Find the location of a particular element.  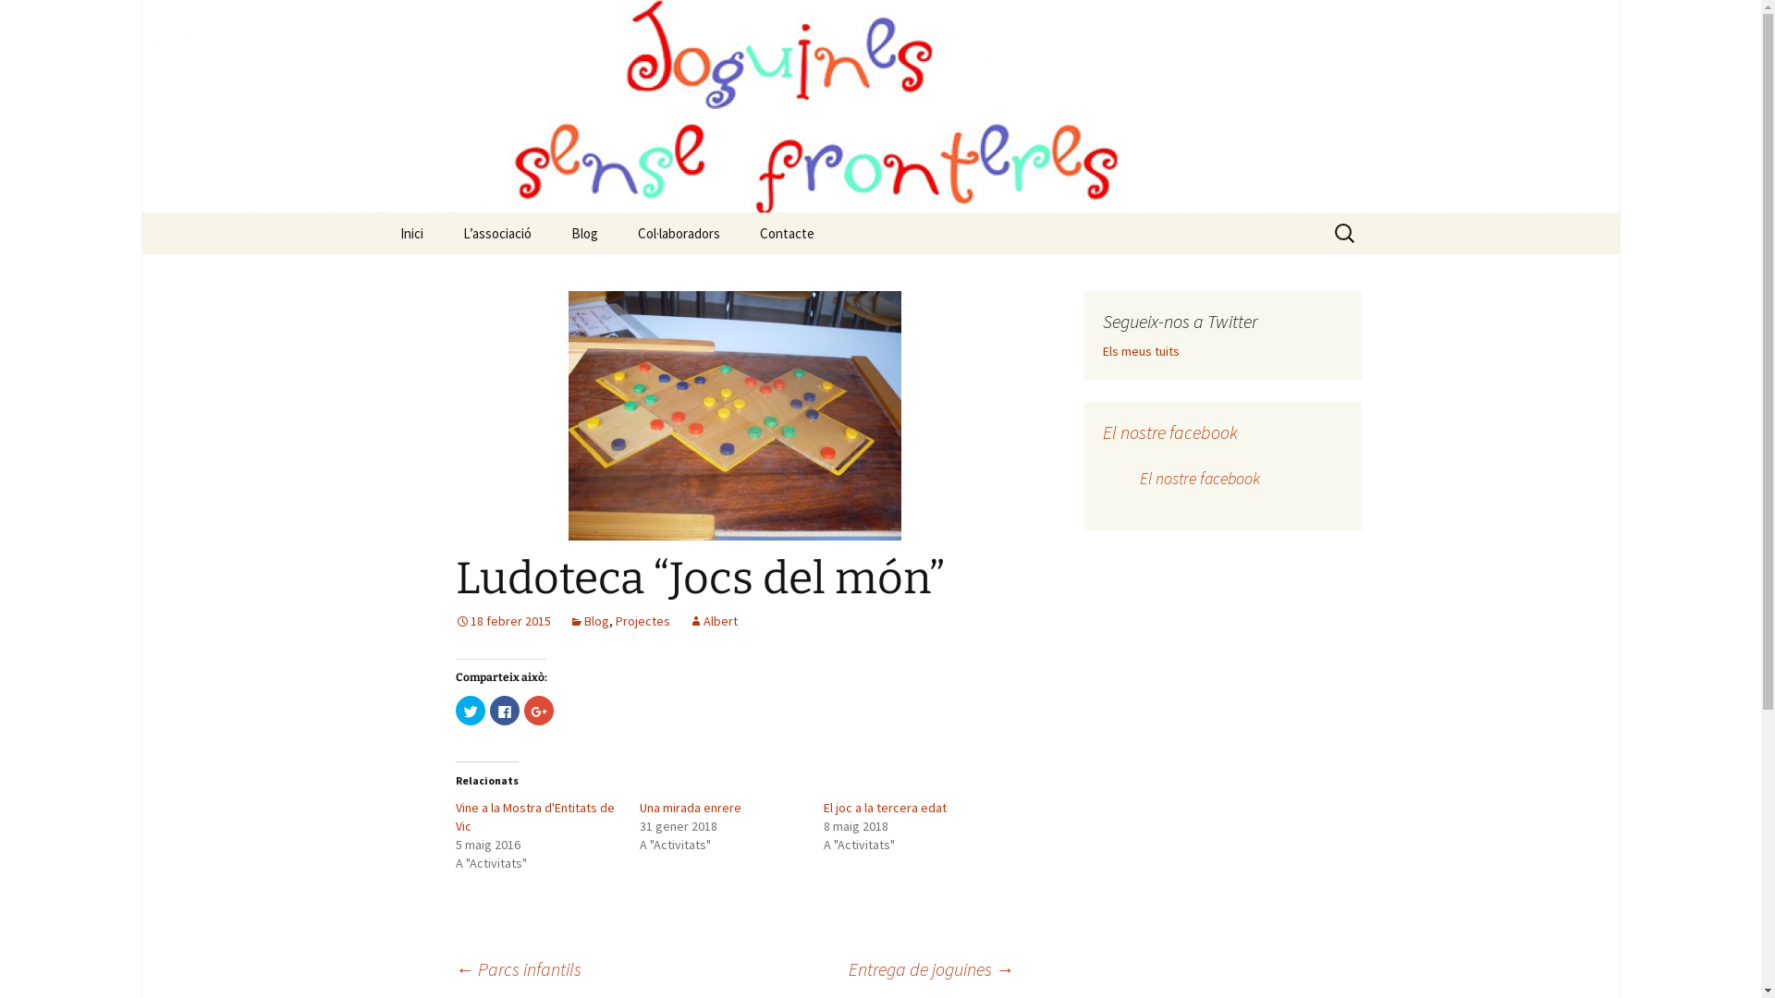

'Els meus tuits' is located at coordinates (1101, 351).